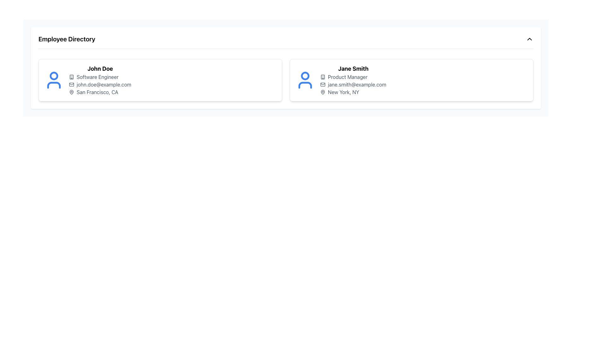  I want to click on the text label styled in muted gray reading 'Software Engineer' with an icon resembling a building, located in the employee details card below 'John Doe', so click(100, 76).